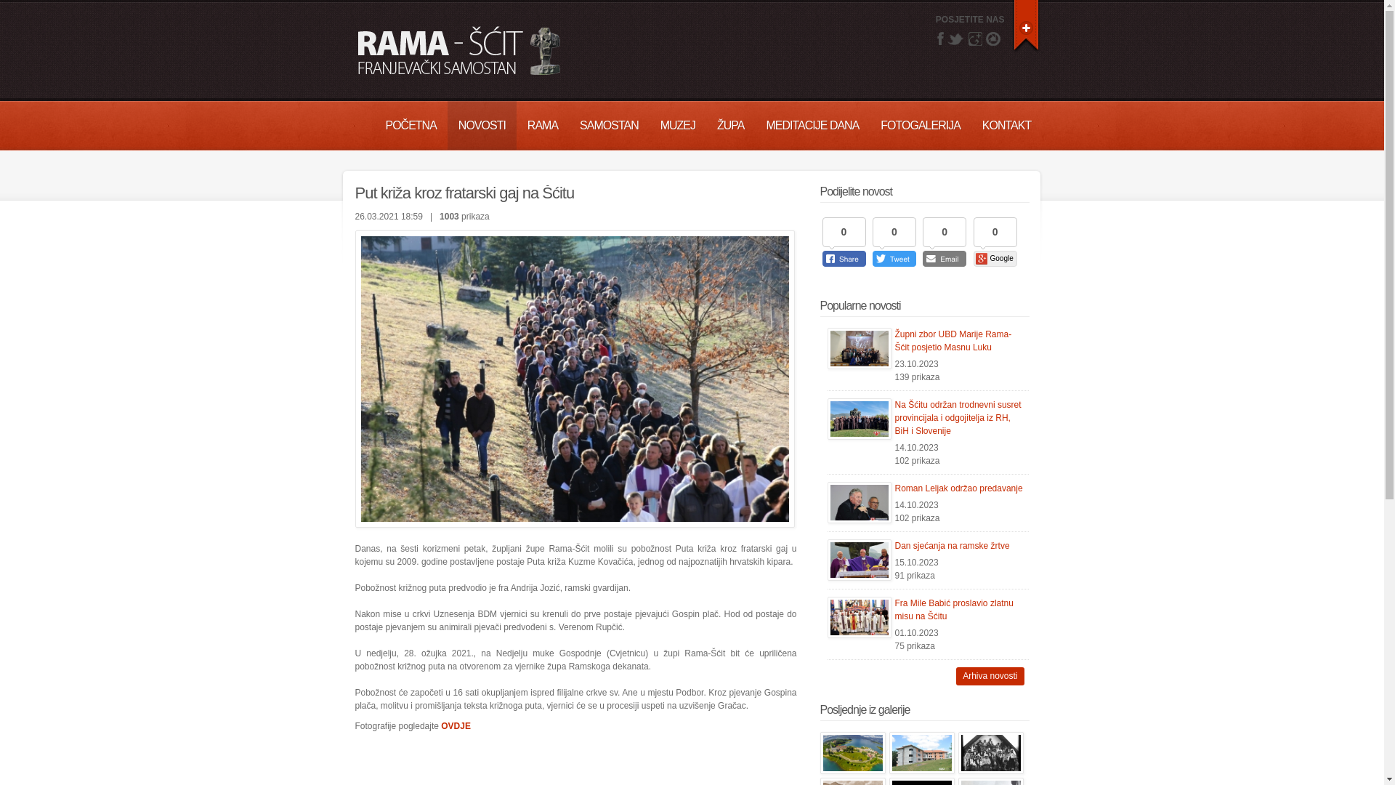 The width and height of the screenshot is (1395, 785). I want to click on 'SAMOSTAN', so click(609, 124).